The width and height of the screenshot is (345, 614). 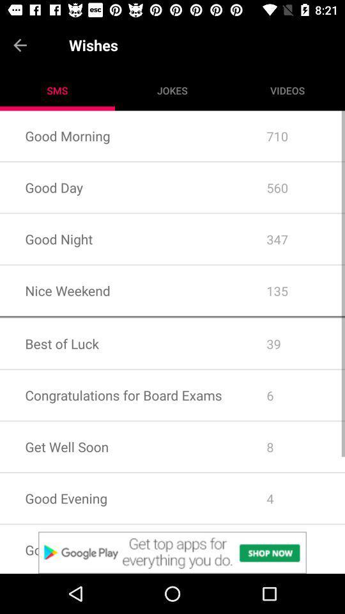 What do you see at coordinates (293, 395) in the screenshot?
I see `the 6 app` at bounding box center [293, 395].